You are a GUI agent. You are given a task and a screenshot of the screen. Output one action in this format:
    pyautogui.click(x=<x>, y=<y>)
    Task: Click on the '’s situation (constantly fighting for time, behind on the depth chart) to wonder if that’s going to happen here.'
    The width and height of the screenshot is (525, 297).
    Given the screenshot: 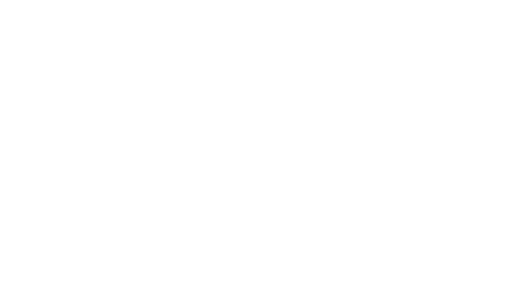 What is the action you would take?
    pyautogui.click(x=189, y=56)
    